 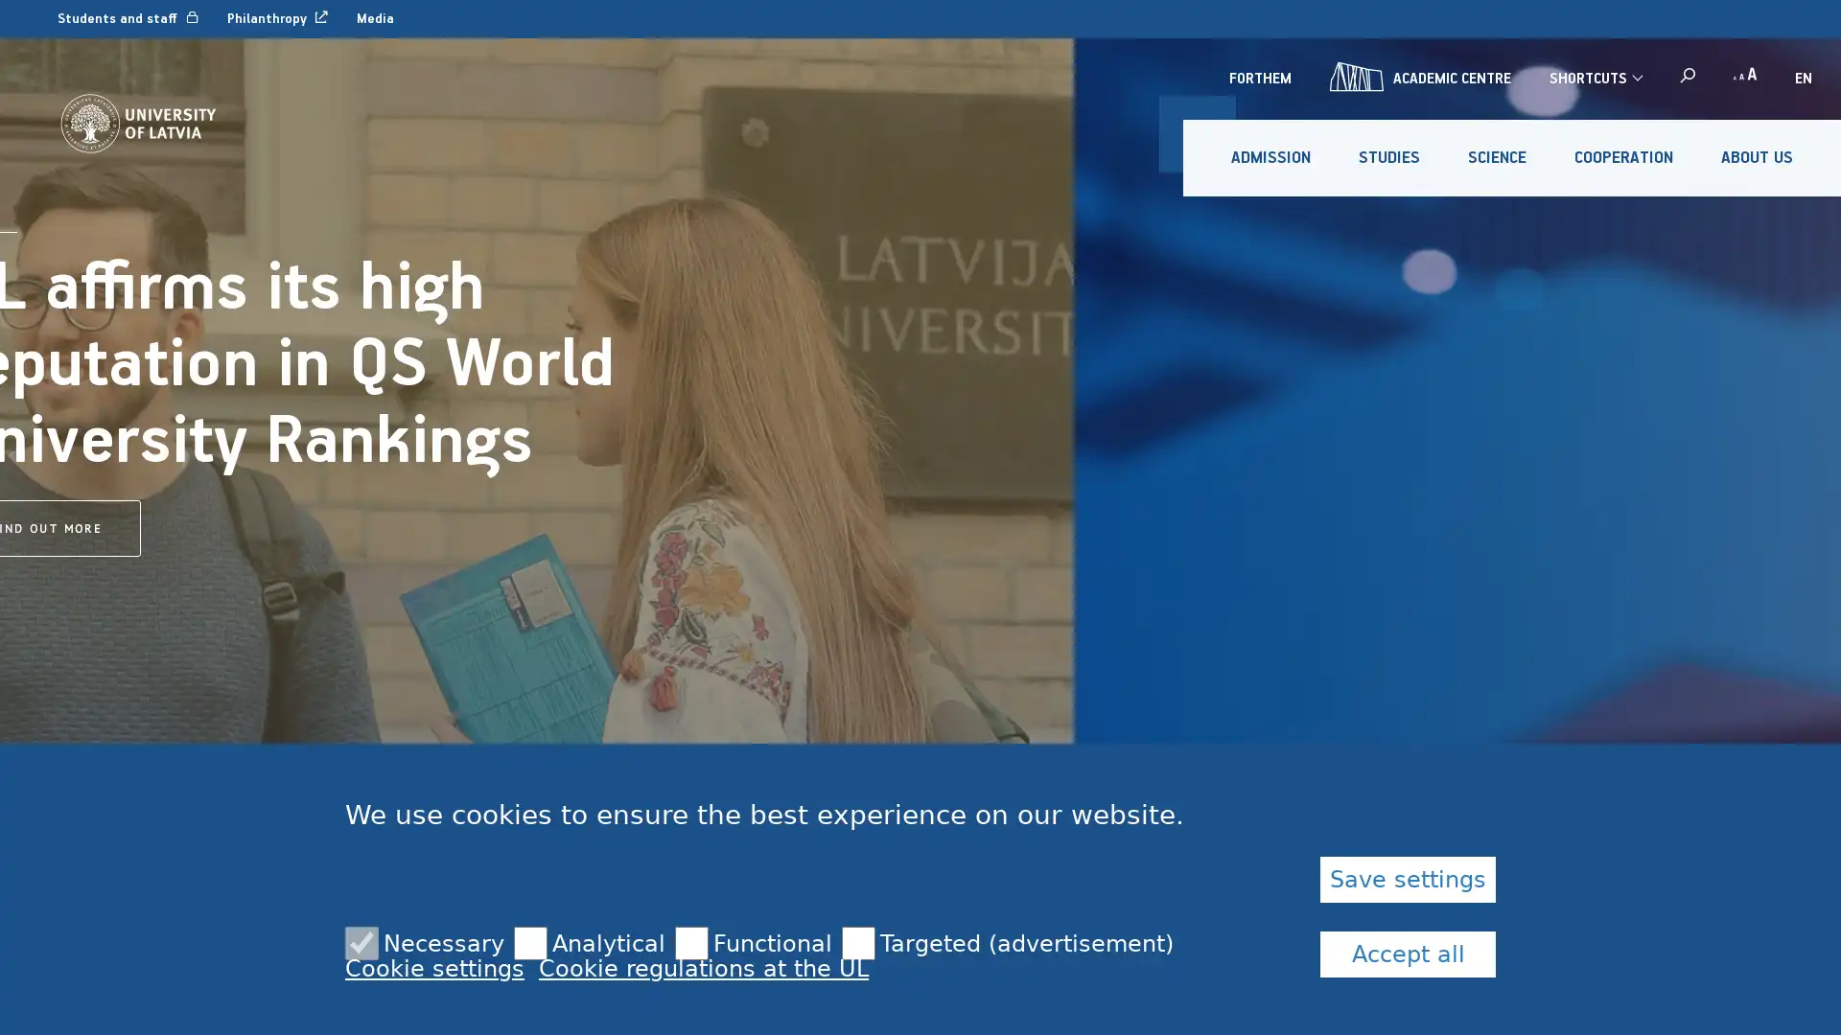 I want to click on COOPERATION, so click(x=1622, y=157).